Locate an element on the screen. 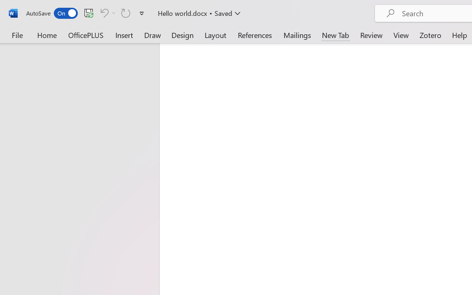 The height and width of the screenshot is (295, 472). 'Layout' is located at coordinates (215, 35).